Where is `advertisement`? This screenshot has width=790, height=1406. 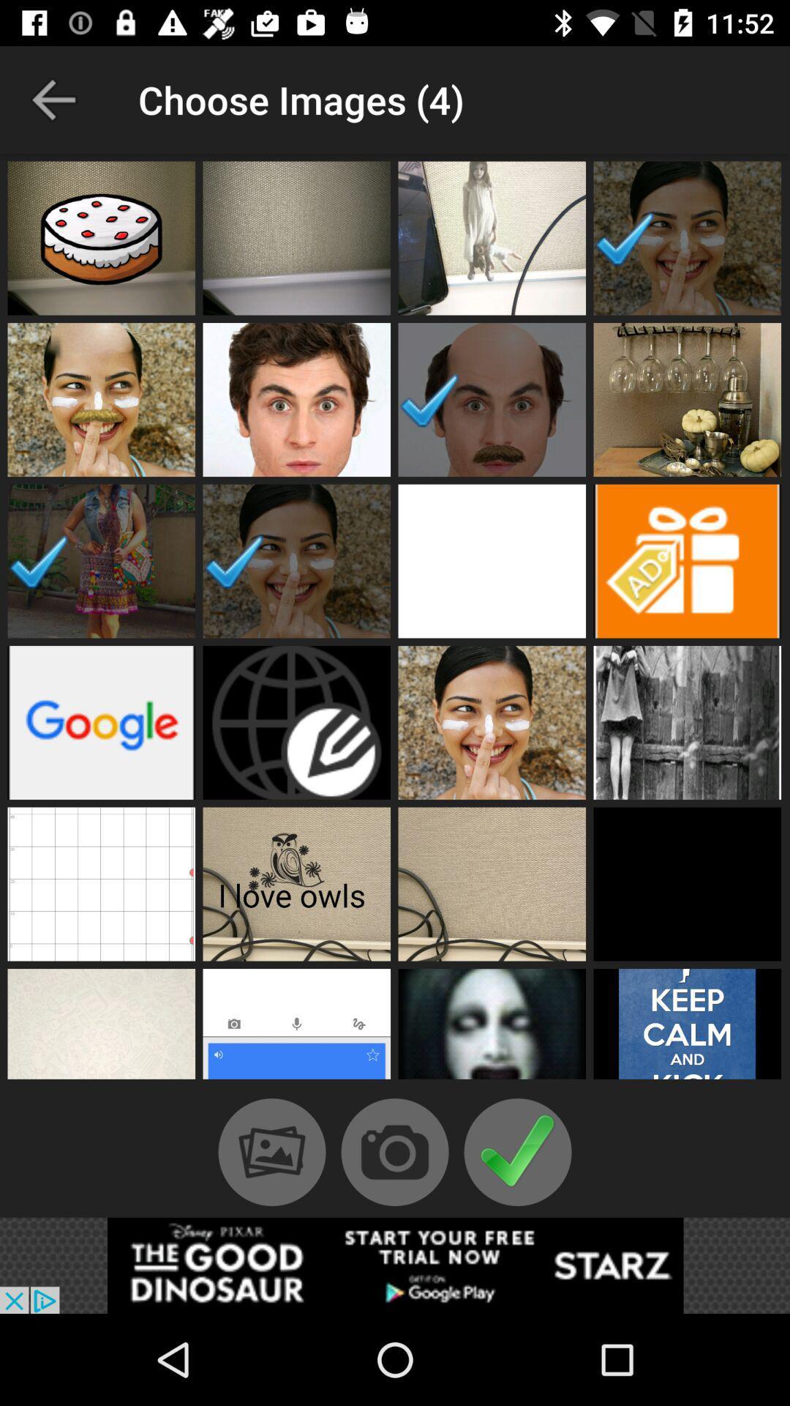 advertisement is located at coordinates (687, 560).